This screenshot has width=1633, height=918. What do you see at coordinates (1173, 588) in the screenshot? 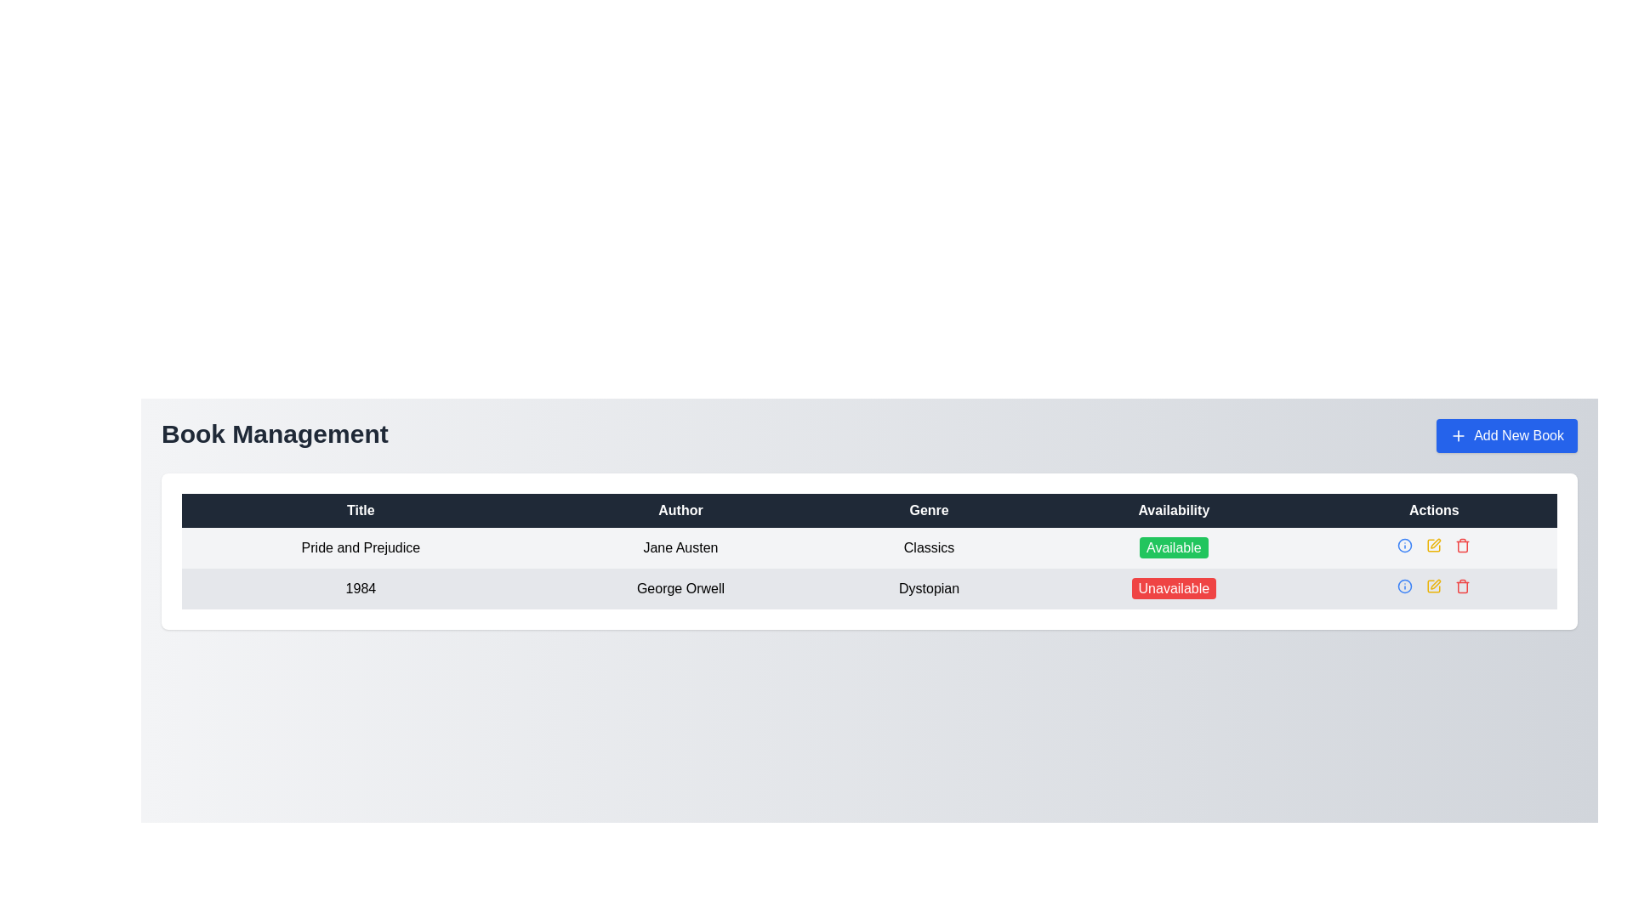
I see `the 'Unavailable' status button in the 'Availability' column of the second row for the book '1984' by George Orwell` at bounding box center [1173, 588].